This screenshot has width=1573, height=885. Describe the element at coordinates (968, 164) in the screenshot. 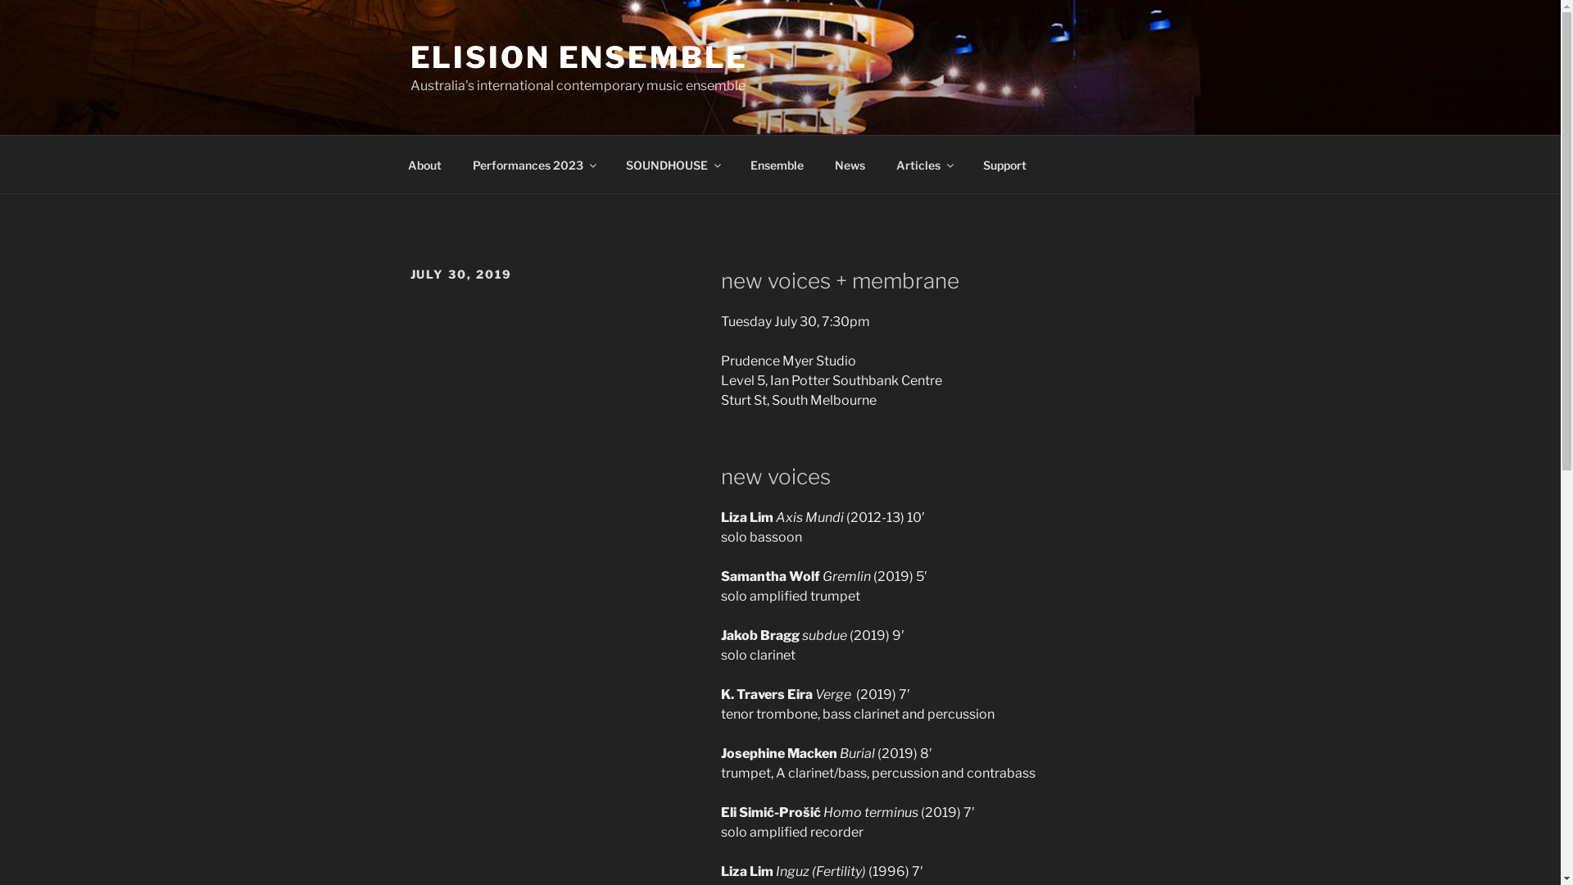

I see `'Support'` at that location.